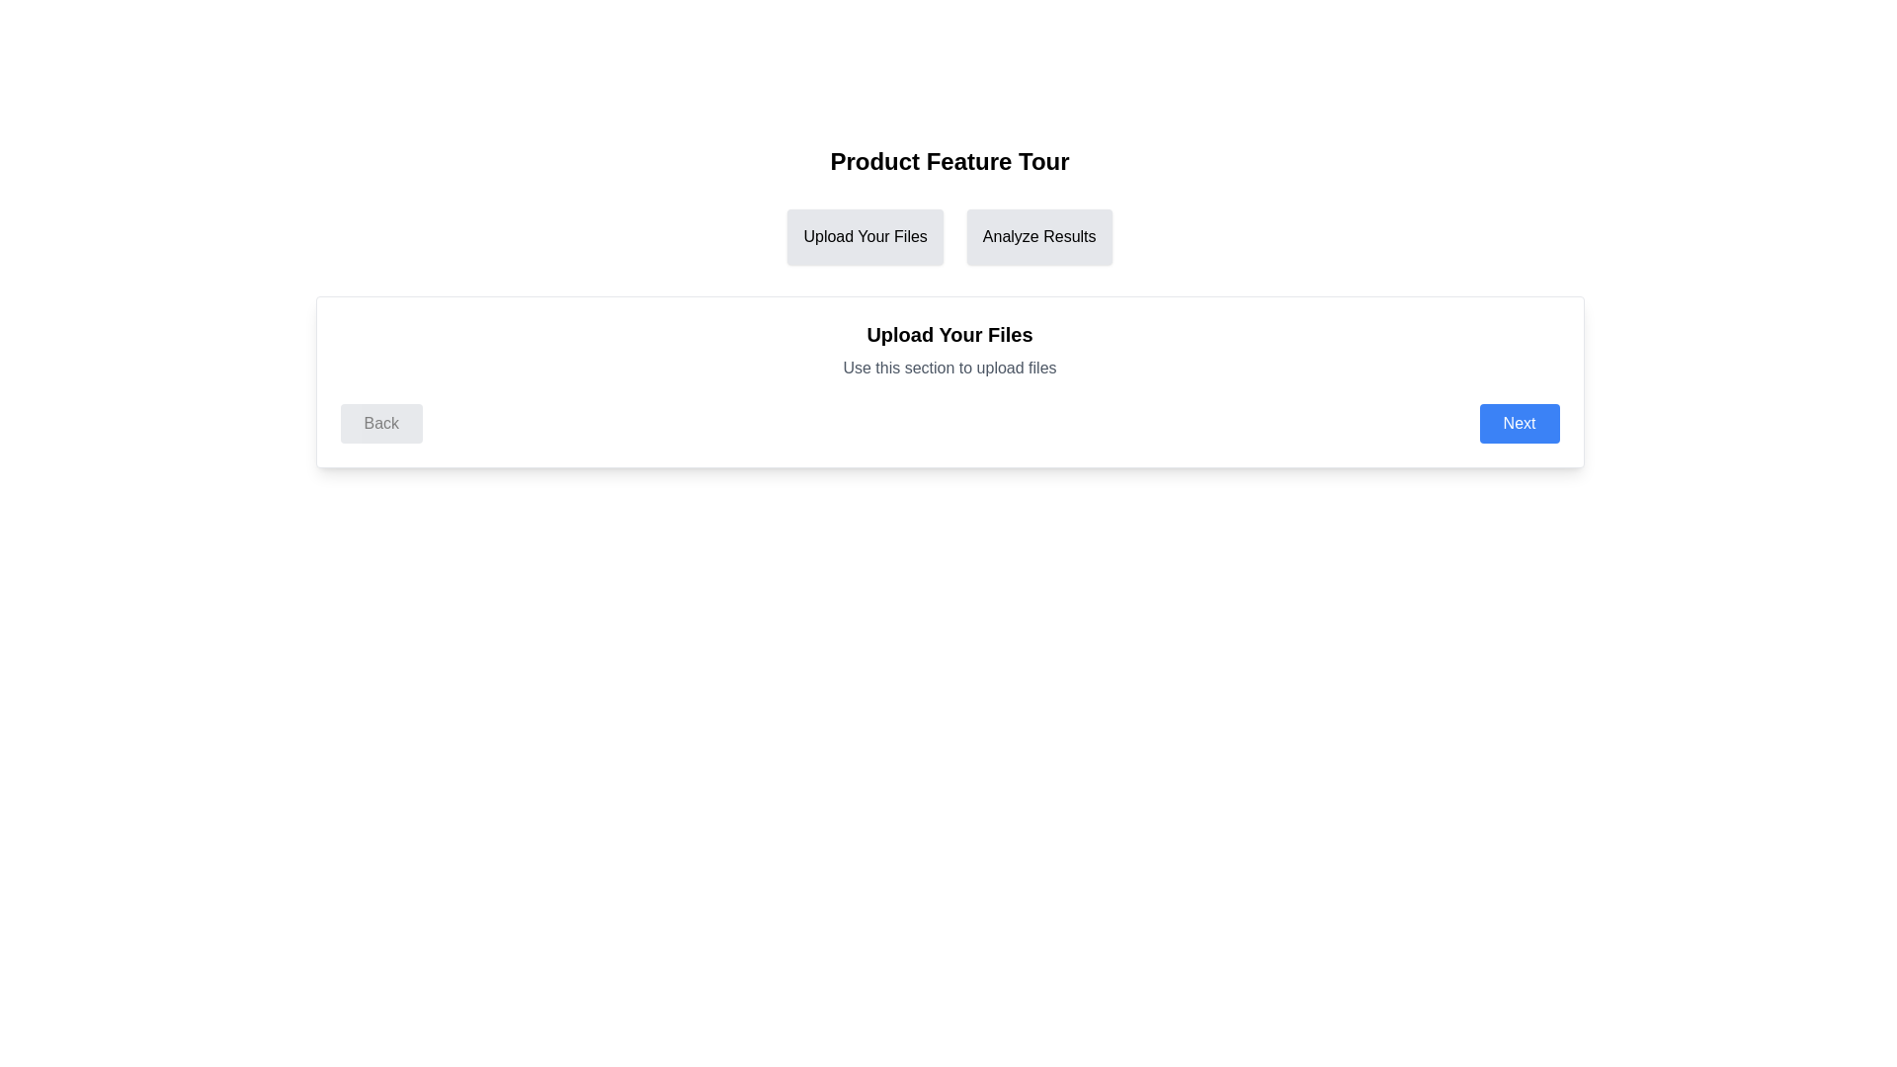 Image resolution: width=1897 pixels, height=1067 pixels. Describe the element at coordinates (381, 422) in the screenshot. I see `the backward navigation button located at the bottom-left region of the main content area` at that location.